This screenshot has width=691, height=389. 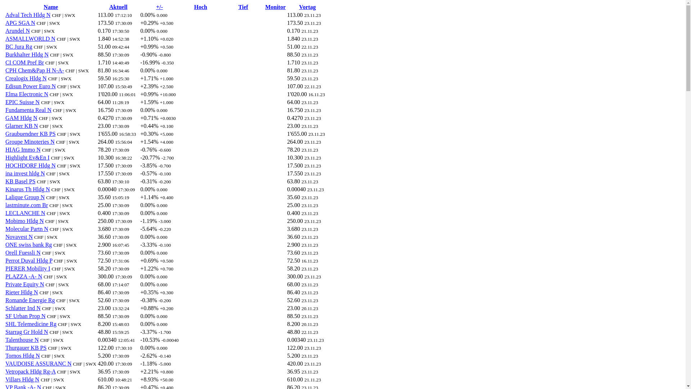 What do you see at coordinates (38, 363) in the screenshot?
I see `'VAUDOISE ASSURANC N'` at bounding box center [38, 363].